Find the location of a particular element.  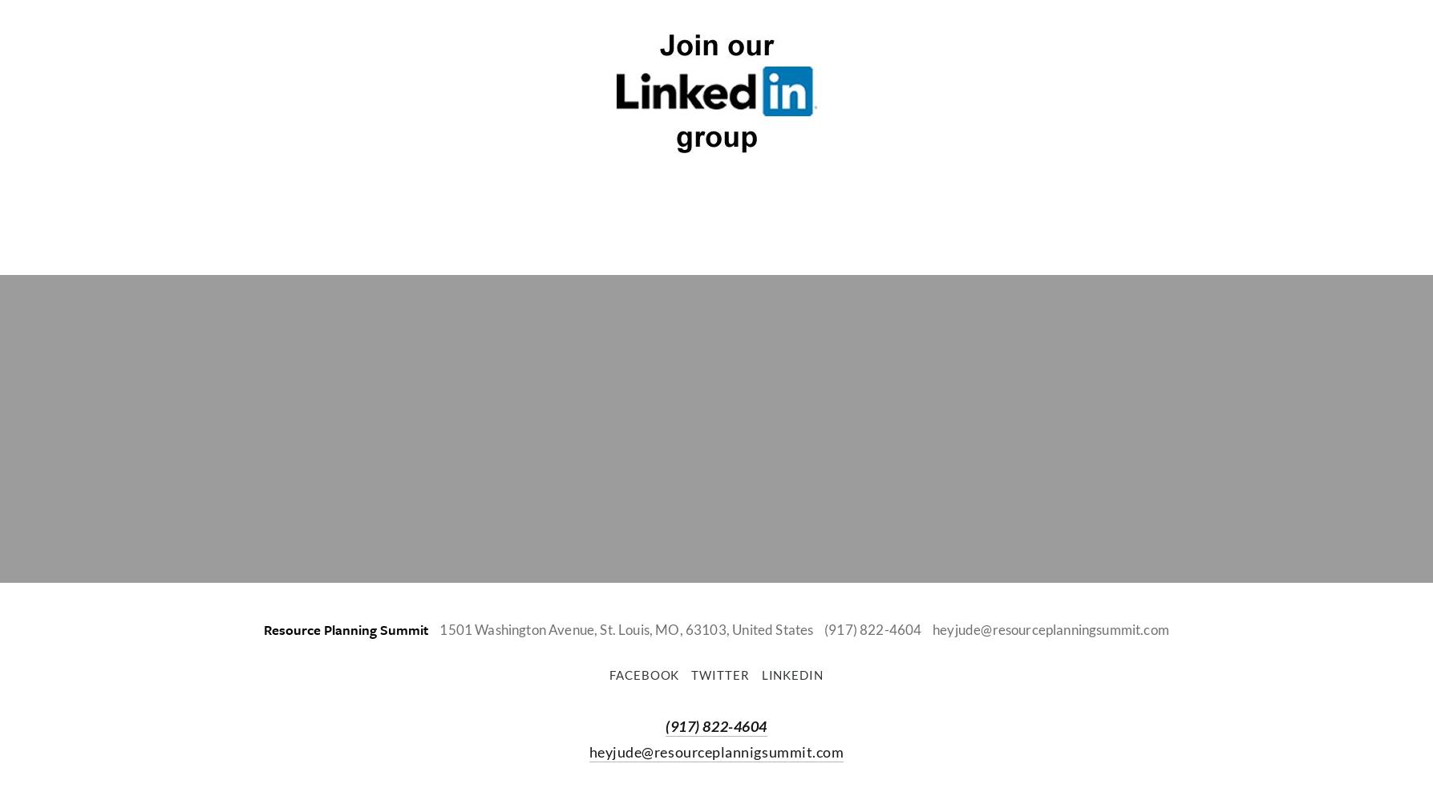

'Twitter' is located at coordinates (719, 675).